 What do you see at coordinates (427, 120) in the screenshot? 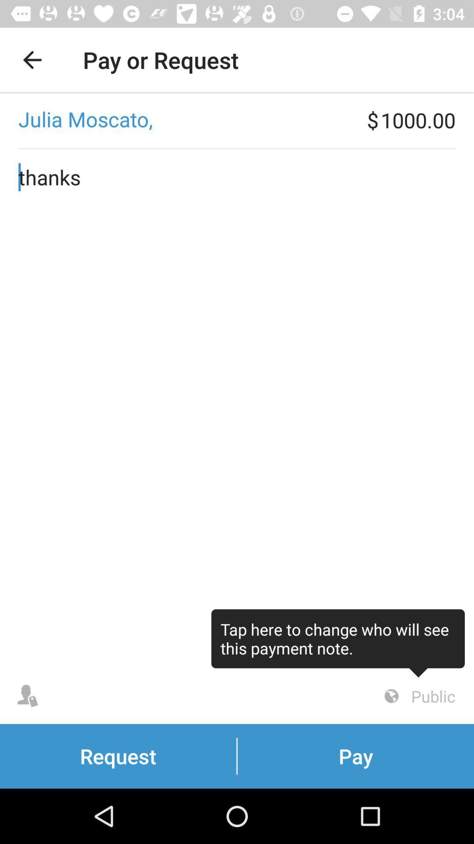
I see `the item to the right of the $ item` at bounding box center [427, 120].